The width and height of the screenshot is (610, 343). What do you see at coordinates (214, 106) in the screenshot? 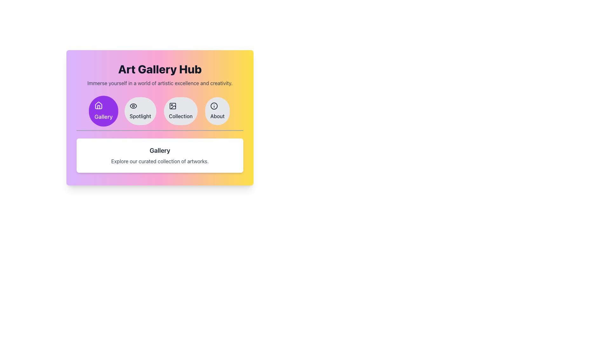
I see `the circular icon with a thin border, featuring a vertical line and a dot above it, located within the 'About' button in the 'Art Gallery Hub'` at bounding box center [214, 106].